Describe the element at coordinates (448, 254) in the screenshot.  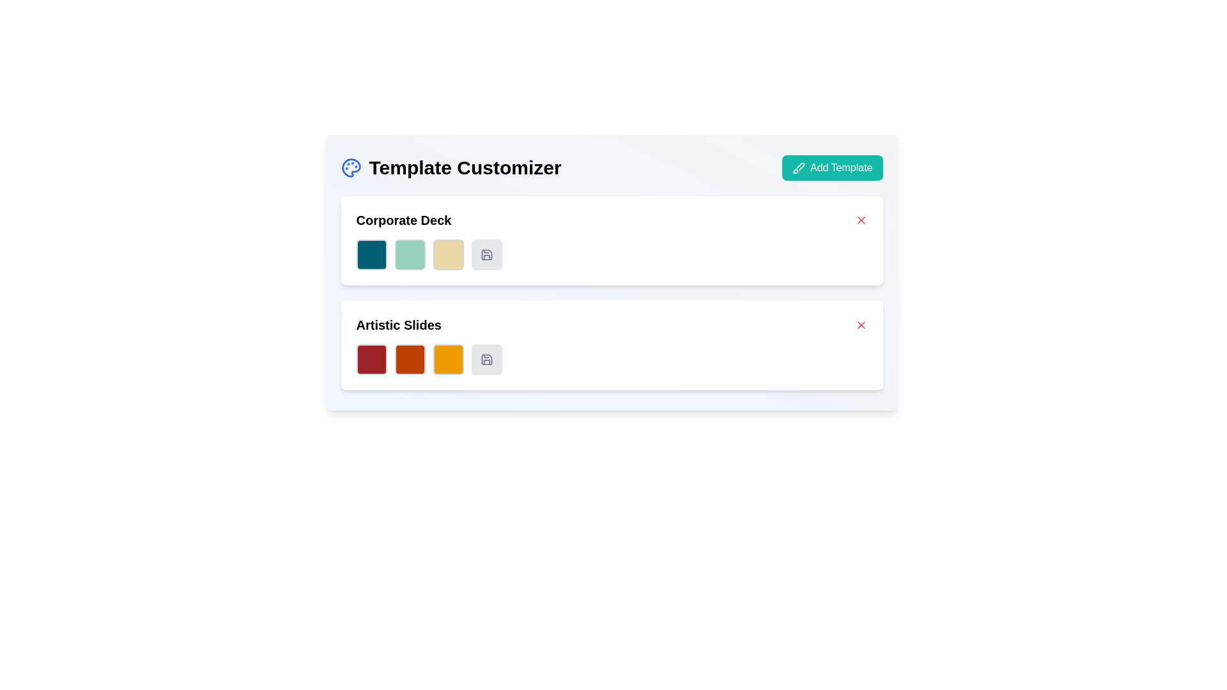
I see `the Decorative square element with a light yellow background and gray border, located in the 'Corporate Deck' section of the UI` at that location.